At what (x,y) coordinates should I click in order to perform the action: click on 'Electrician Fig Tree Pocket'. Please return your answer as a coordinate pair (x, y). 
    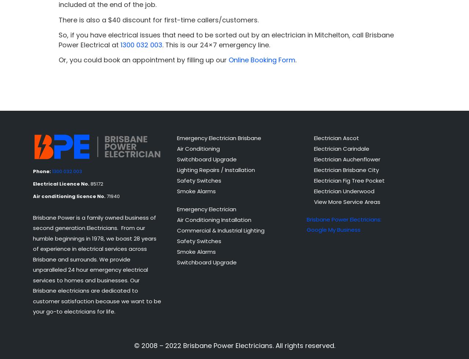
    Looking at the image, I should click on (348, 180).